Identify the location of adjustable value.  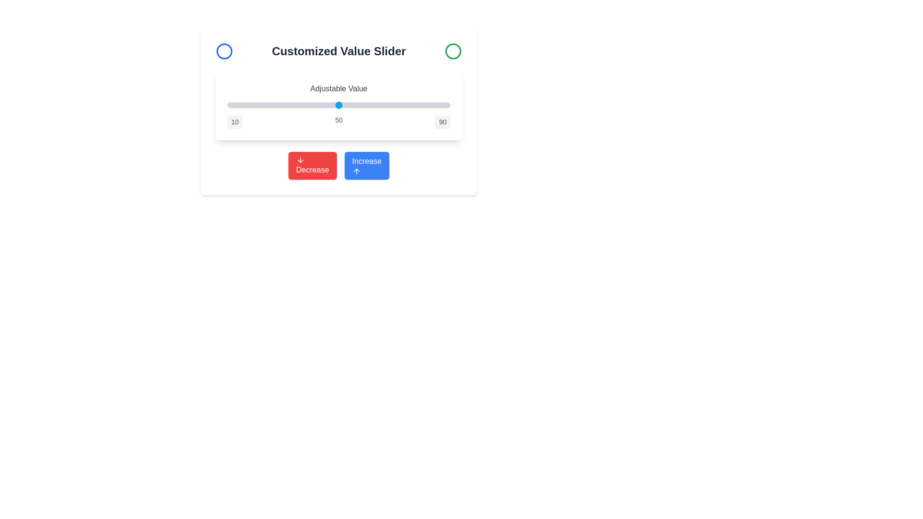
(430, 105).